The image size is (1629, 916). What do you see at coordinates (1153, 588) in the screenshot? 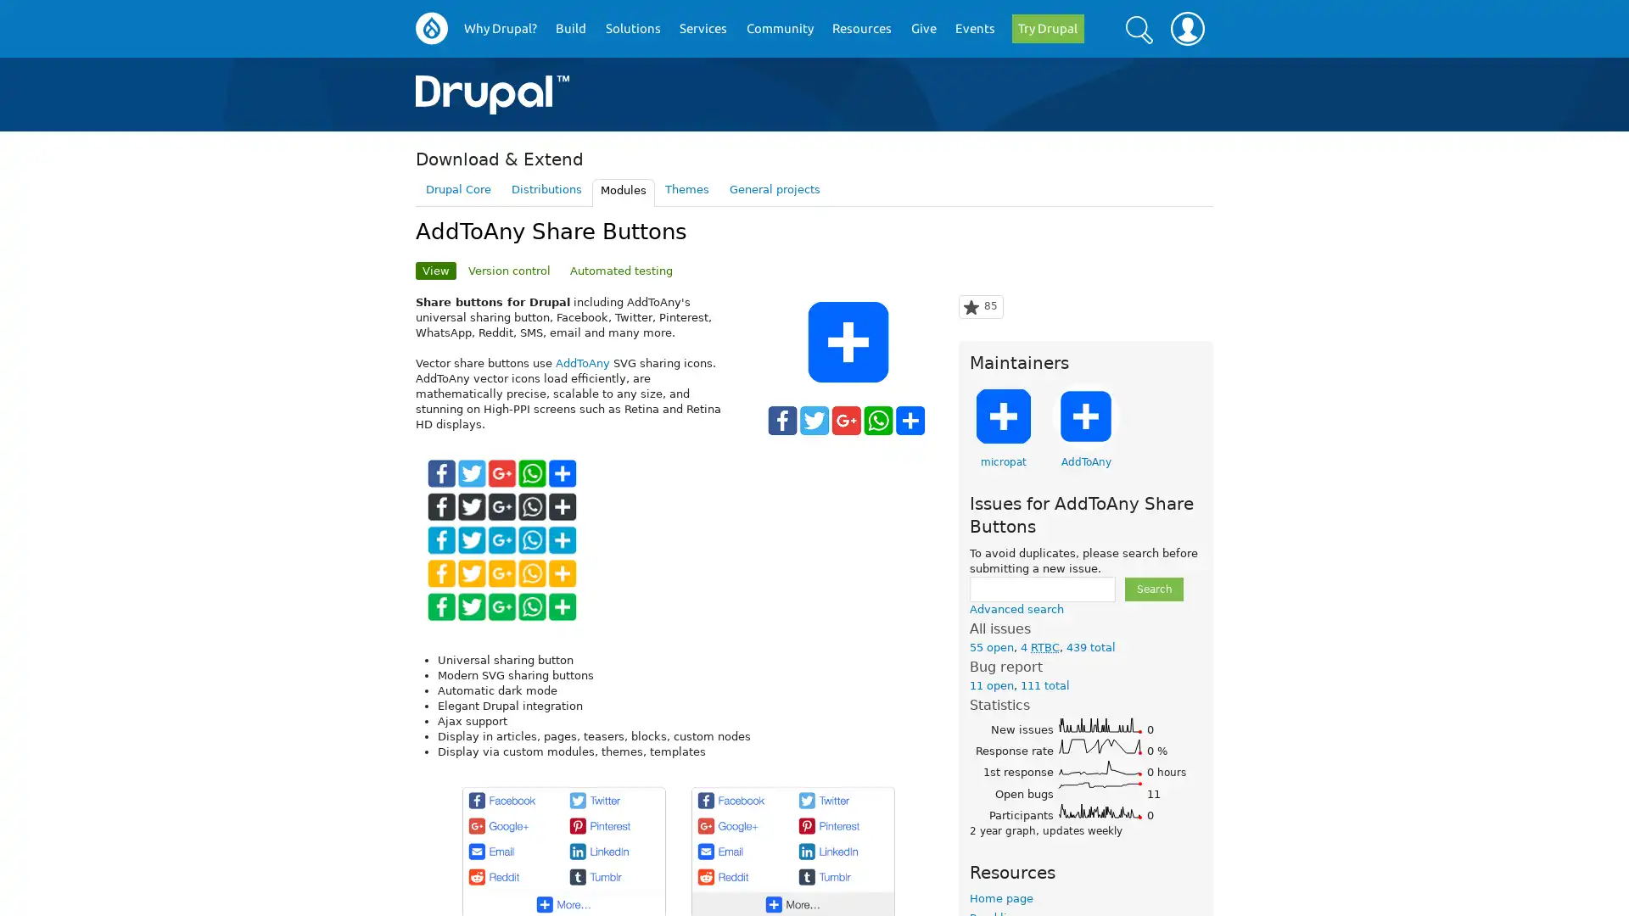
I see `Search` at bounding box center [1153, 588].